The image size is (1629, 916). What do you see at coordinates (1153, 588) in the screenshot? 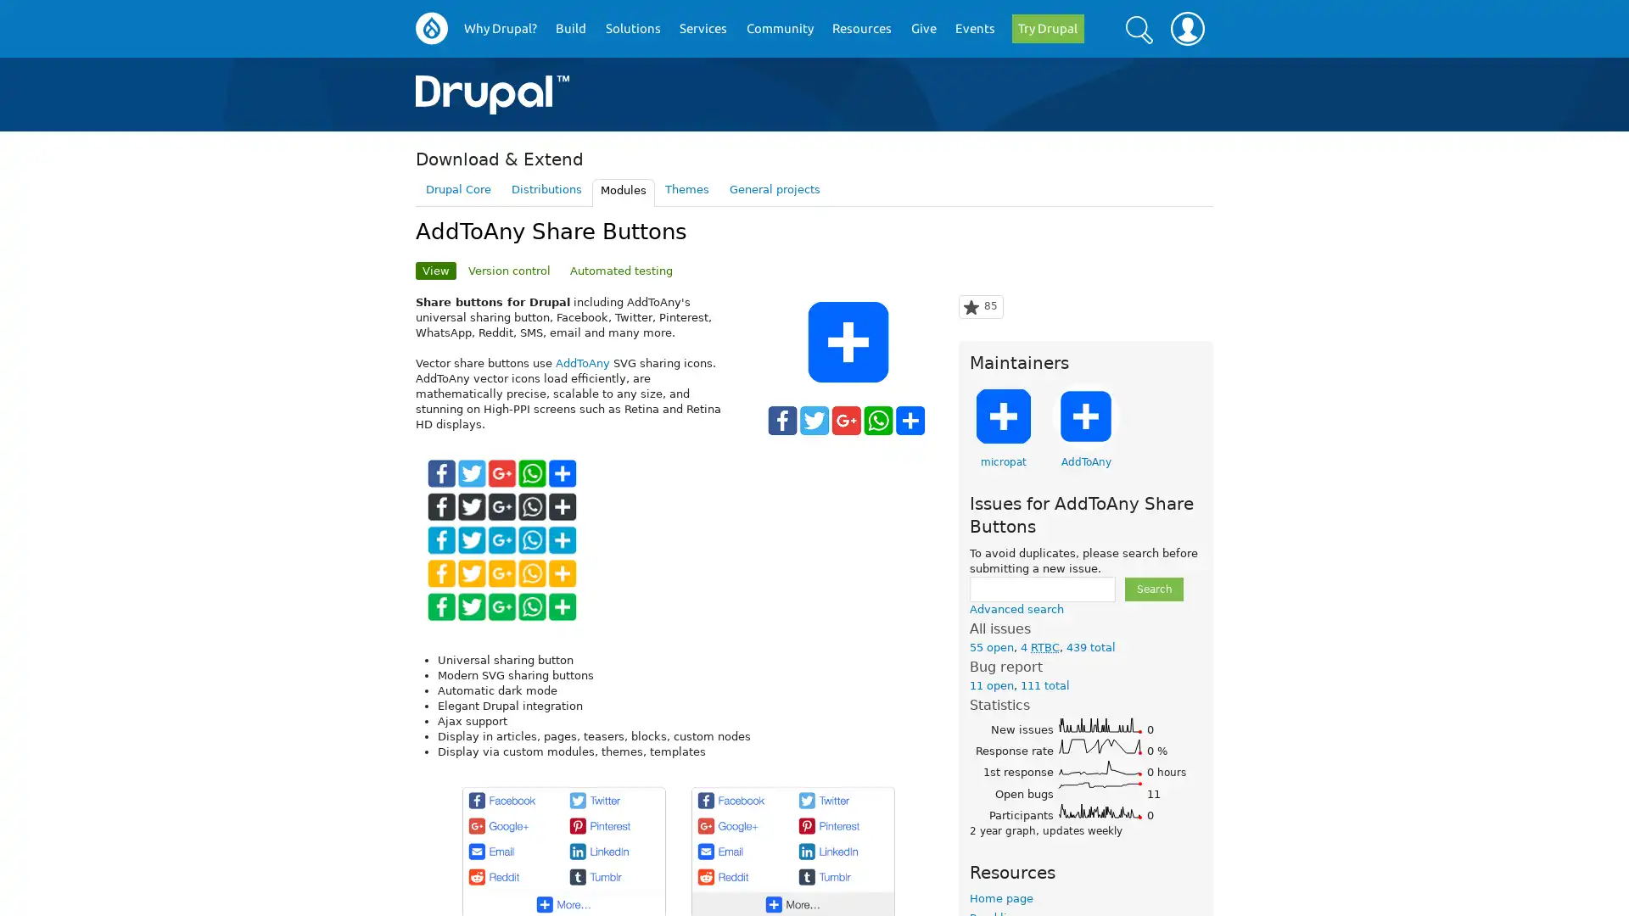
I see `Search` at bounding box center [1153, 588].